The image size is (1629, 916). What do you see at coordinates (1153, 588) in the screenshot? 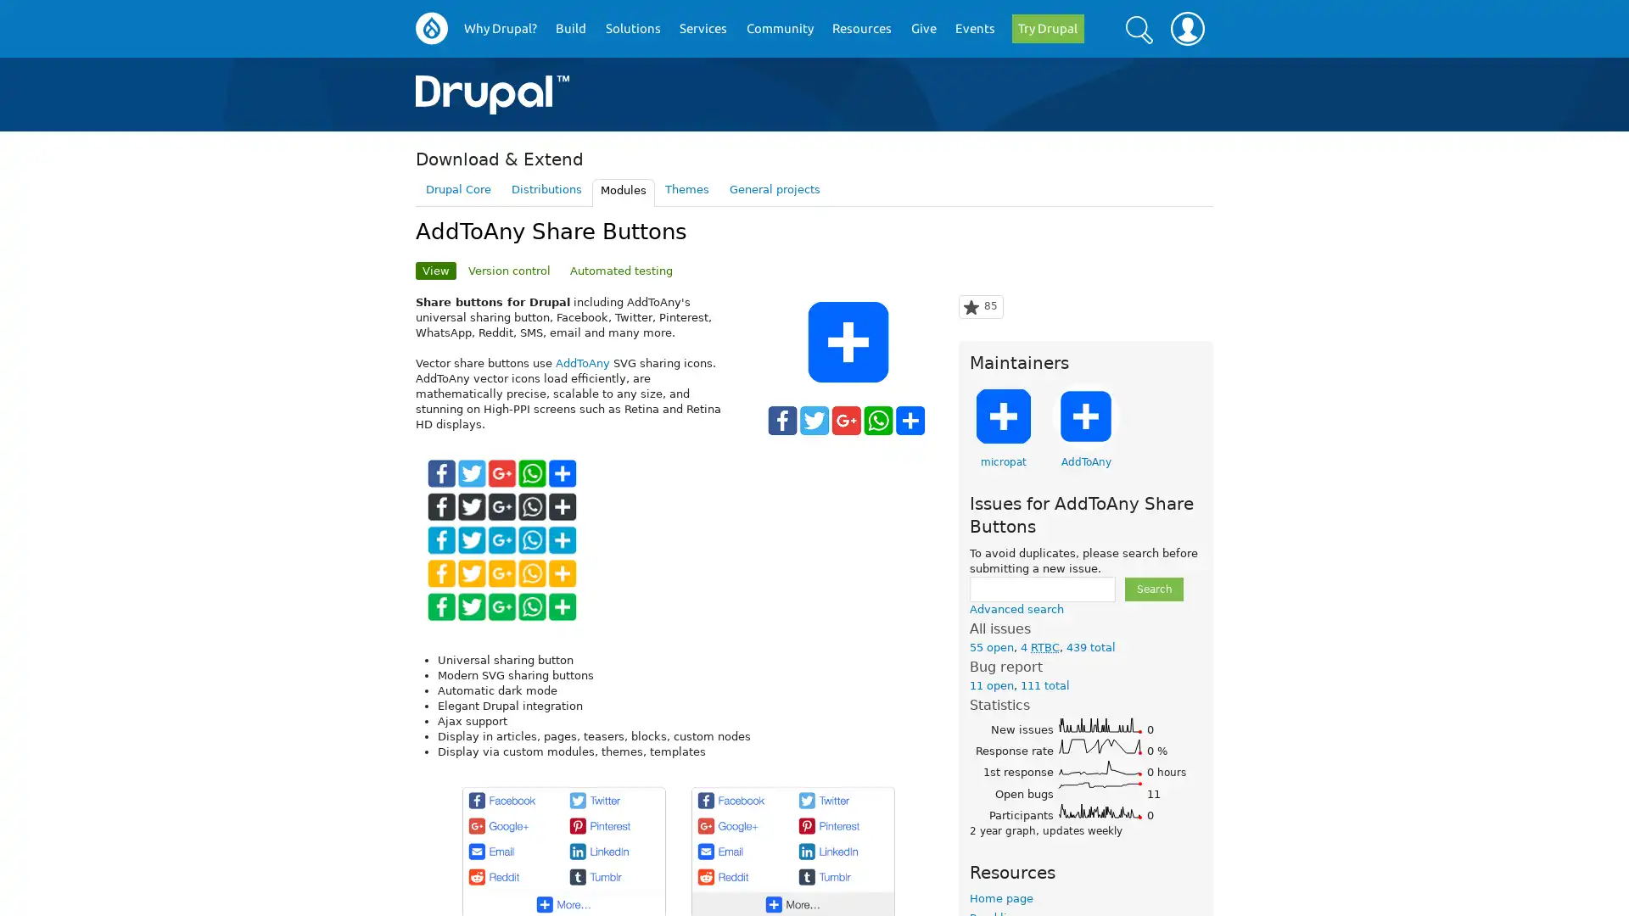
I see `Search` at bounding box center [1153, 588].